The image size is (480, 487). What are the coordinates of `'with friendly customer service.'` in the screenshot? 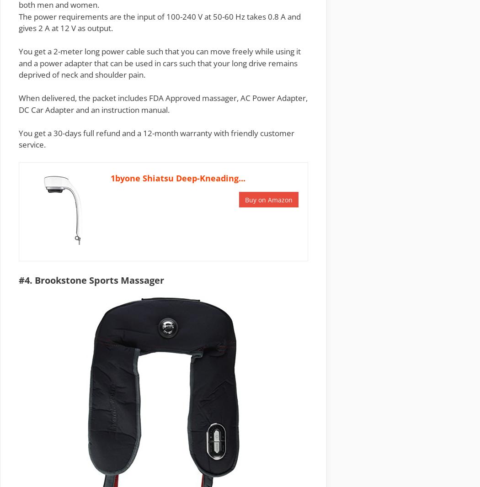 It's located at (18, 138).